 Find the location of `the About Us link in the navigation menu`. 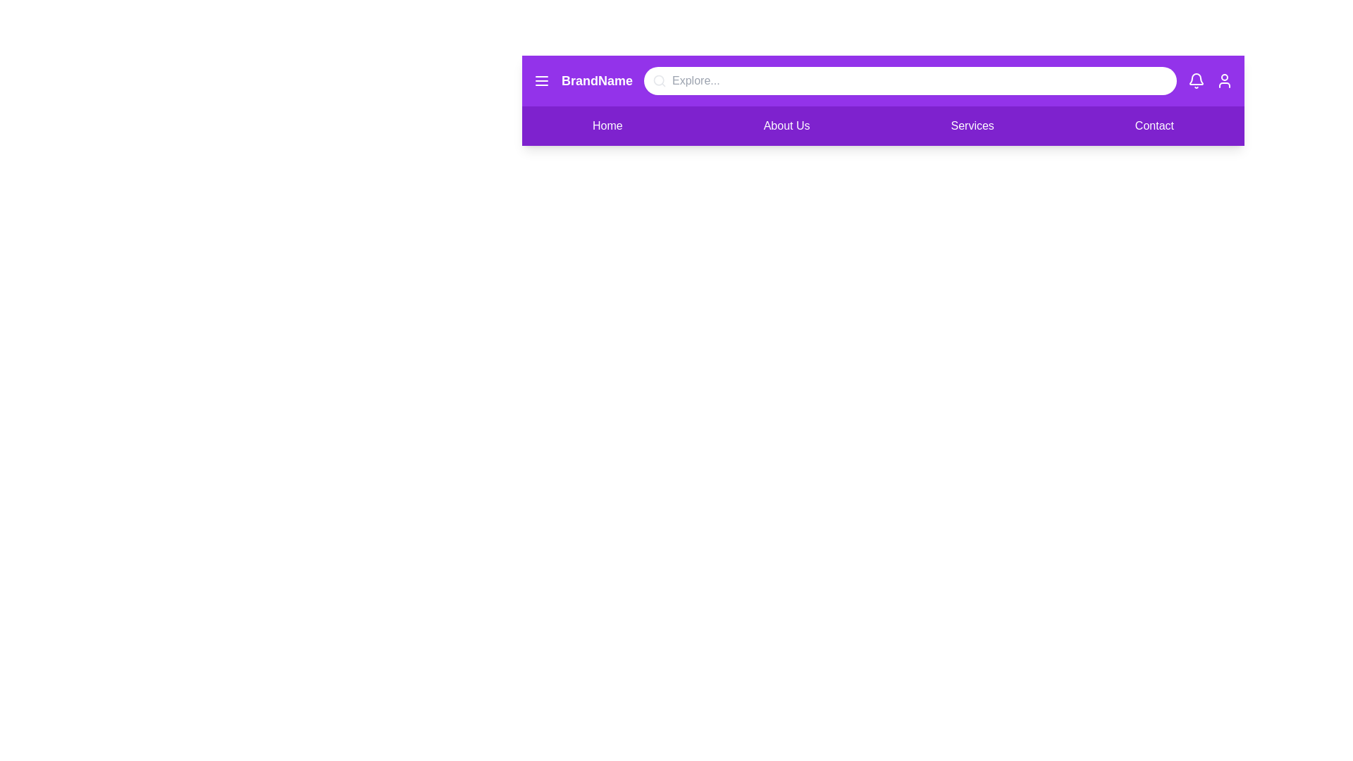

the About Us link in the navigation menu is located at coordinates (786, 125).